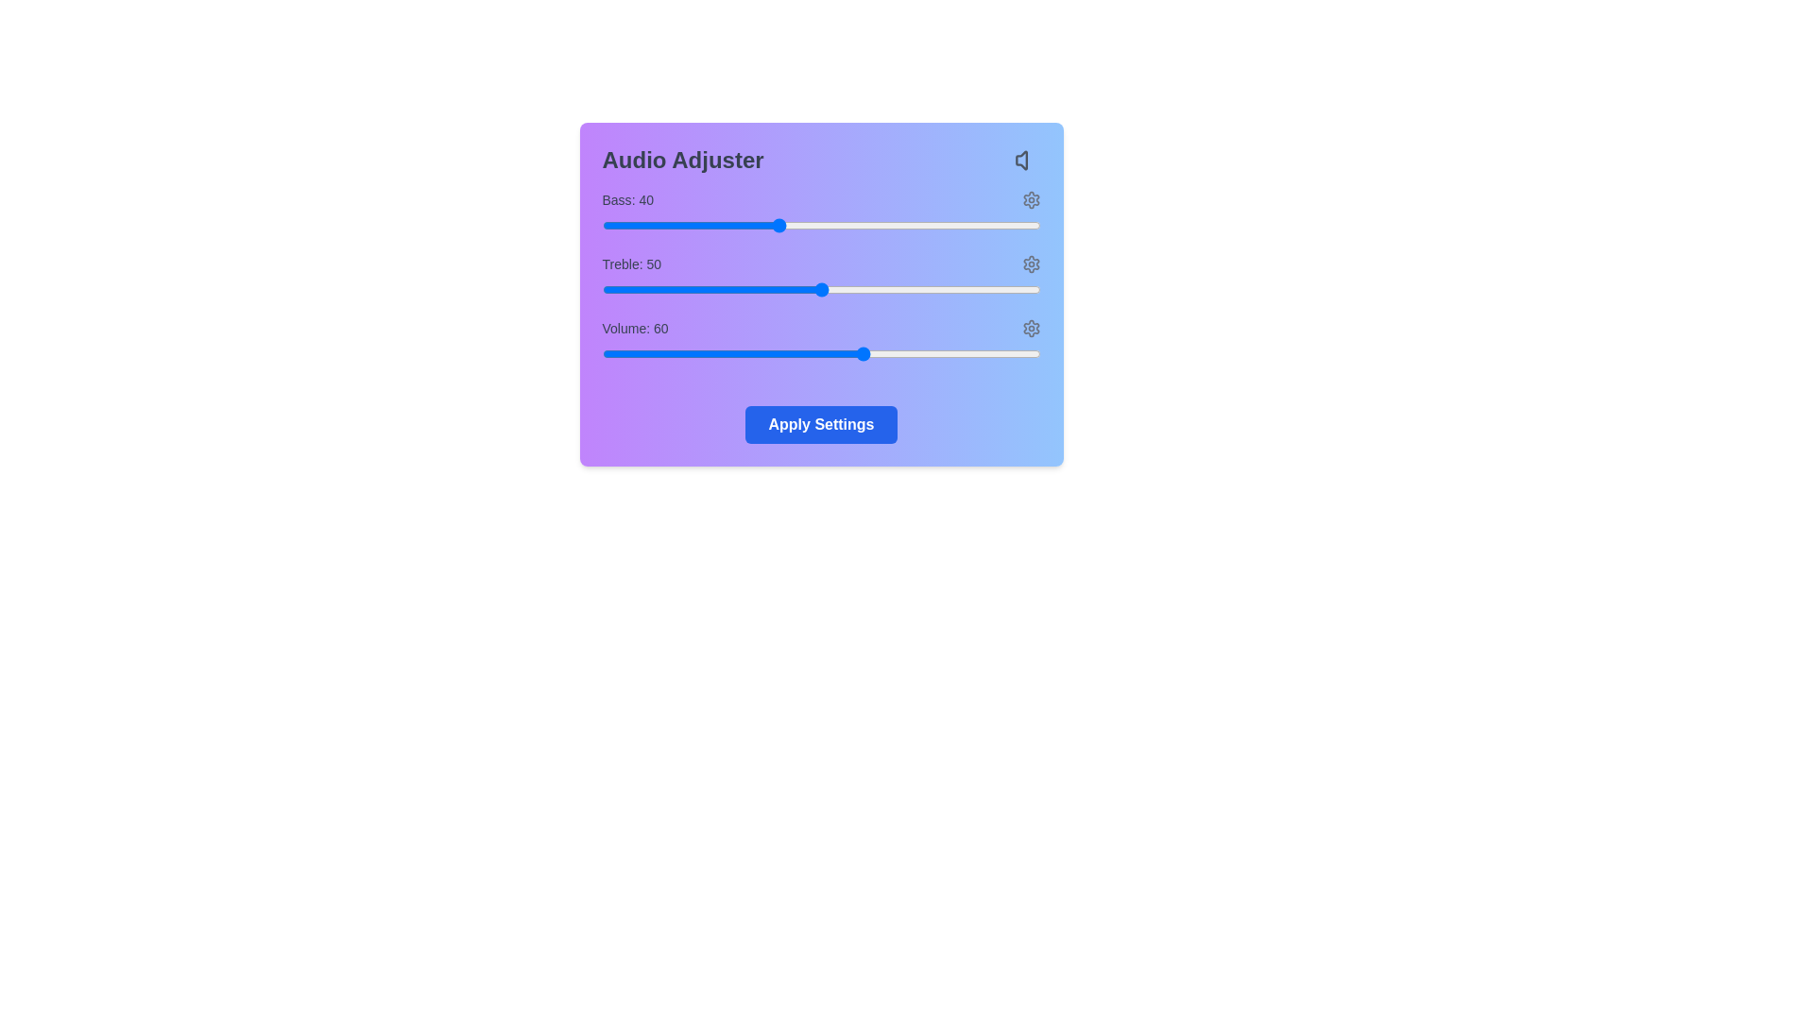  Describe the element at coordinates (697, 353) in the screenshot. I see `the volume` at that location.